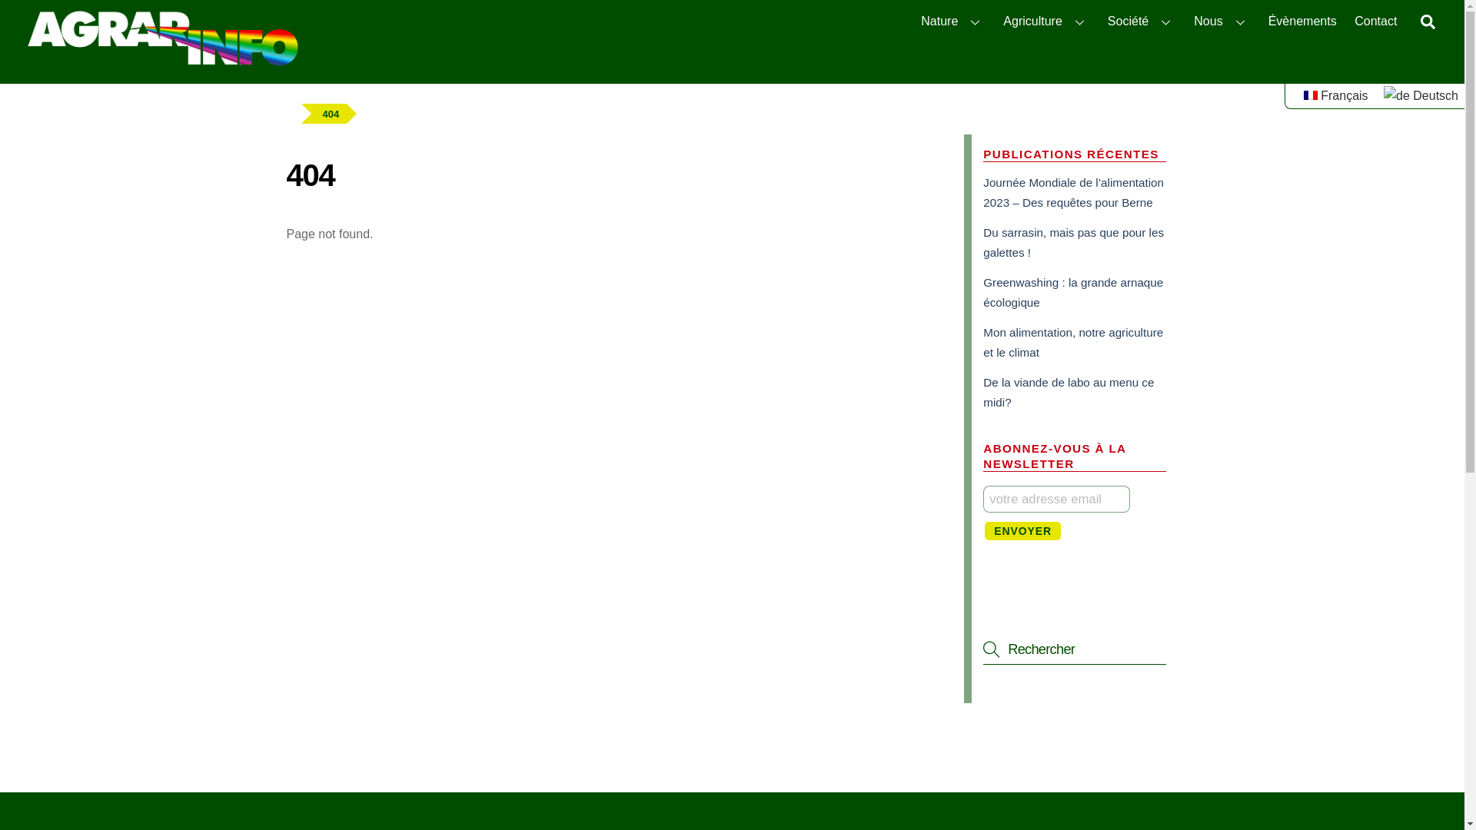 Image resolution: width=1476 pixels, height=830 pixels. What do you see at coordinates (1072, 341) in the screenshot?
I see `'Mon alimentation, notre agriculture et le climat'` at bounding box center [1072, 341].